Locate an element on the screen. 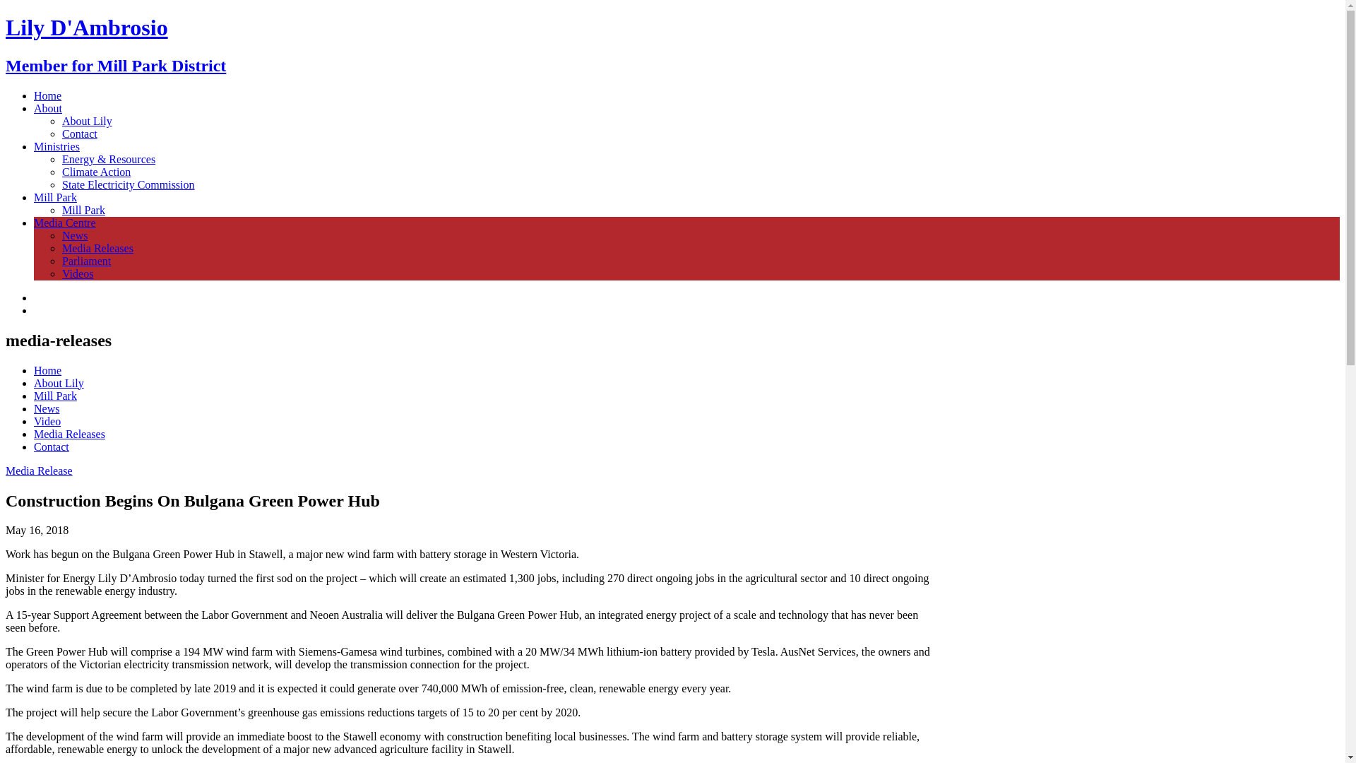 Image resolution: width=1356 pixels, height=763 pixels. 'Video' is located at coordinates (34, 420).